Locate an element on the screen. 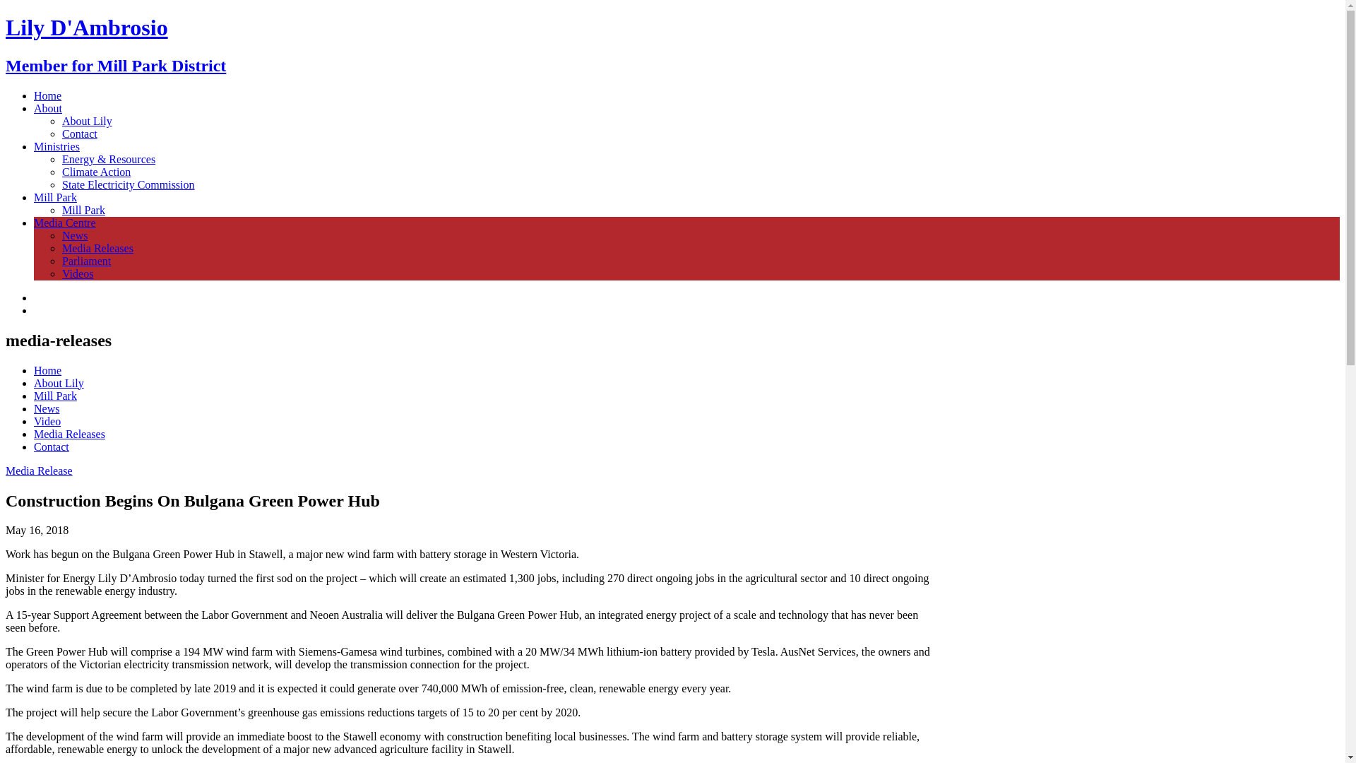 Image resolution: width=1356 pixels, height=763 pixels. 'Video' is located at coordinates (34, 420).